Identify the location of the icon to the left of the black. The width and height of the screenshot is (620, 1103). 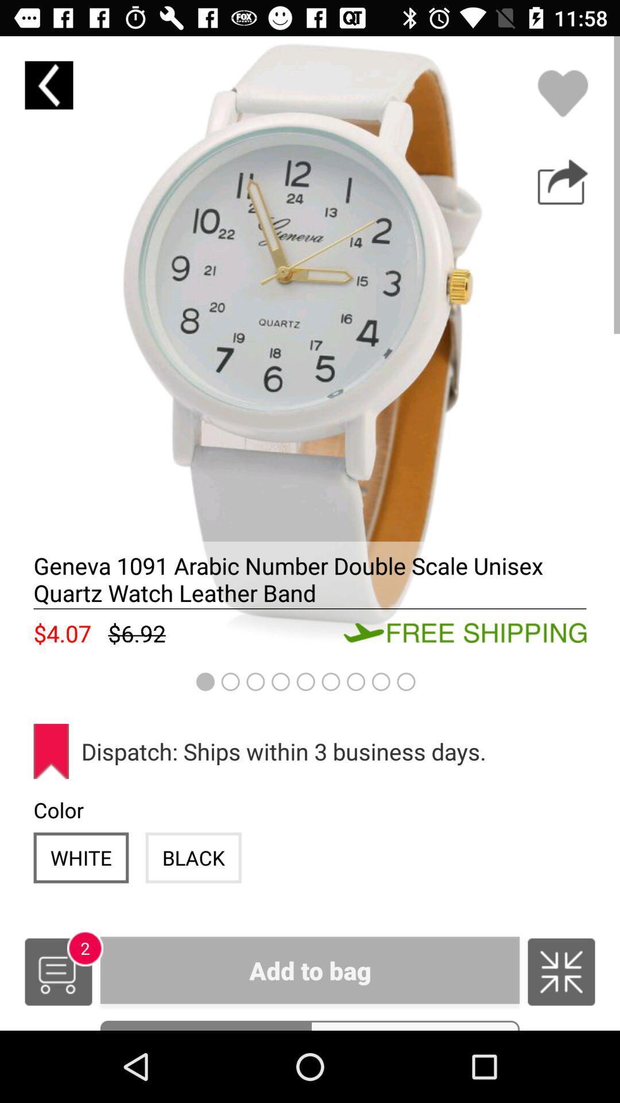
(80, 858).